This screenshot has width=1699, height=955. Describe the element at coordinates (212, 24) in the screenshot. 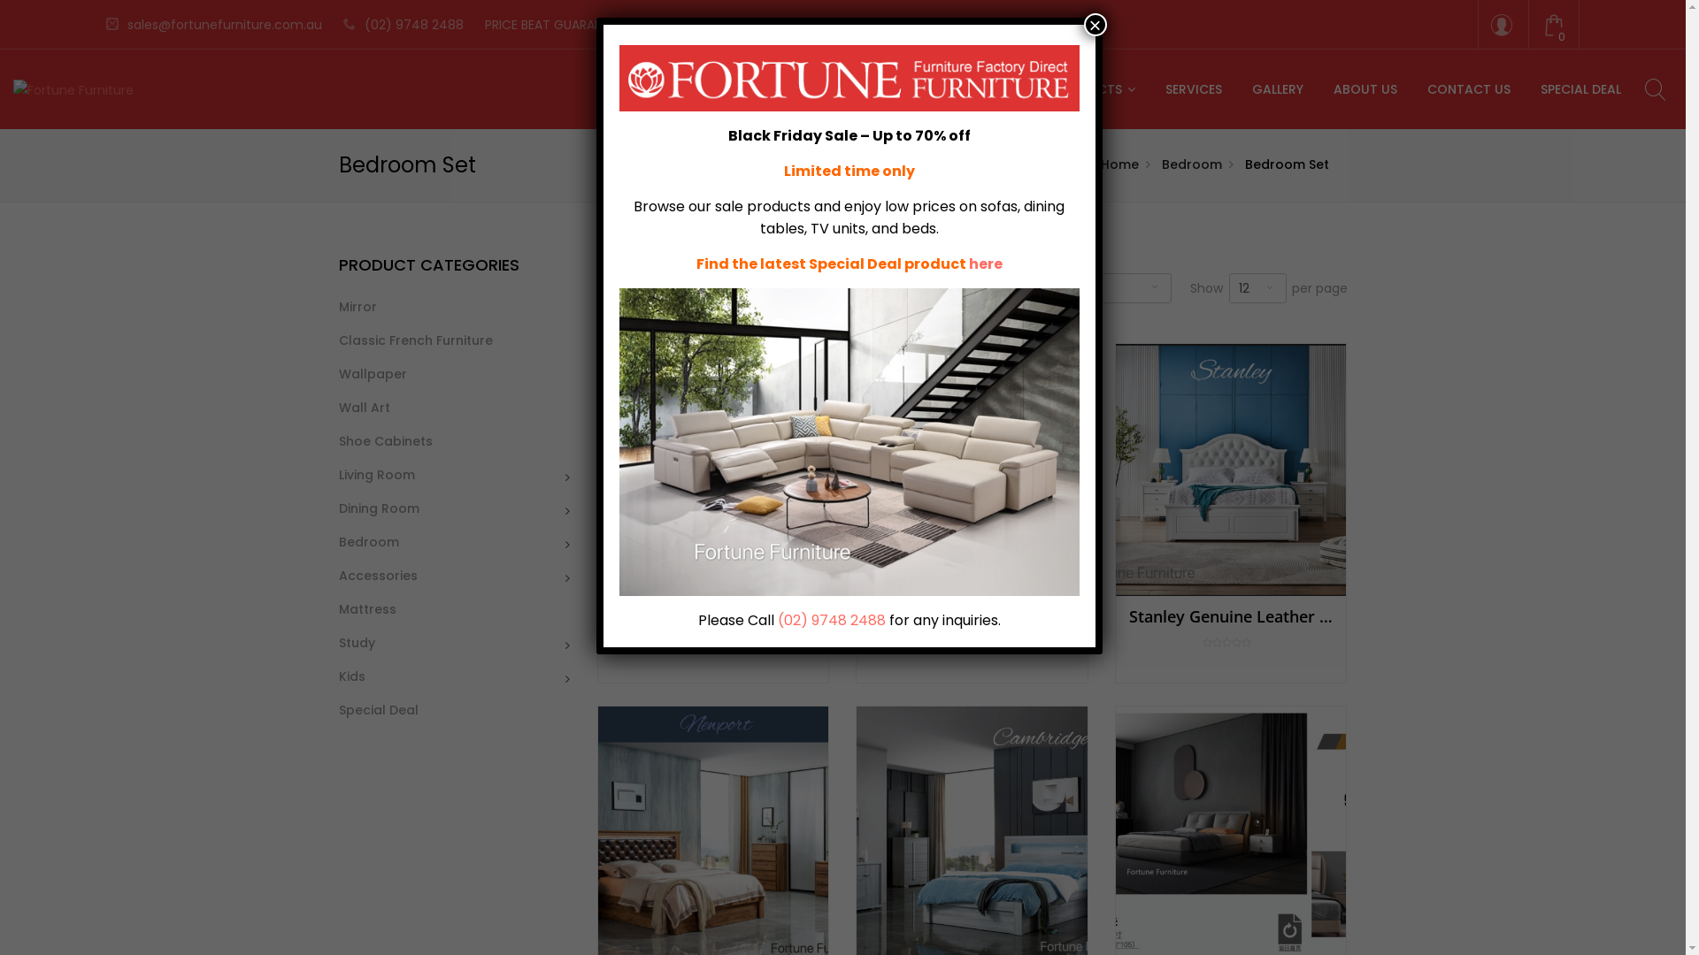

I see `'sales@fortunefurniture.com.au'` at that location.